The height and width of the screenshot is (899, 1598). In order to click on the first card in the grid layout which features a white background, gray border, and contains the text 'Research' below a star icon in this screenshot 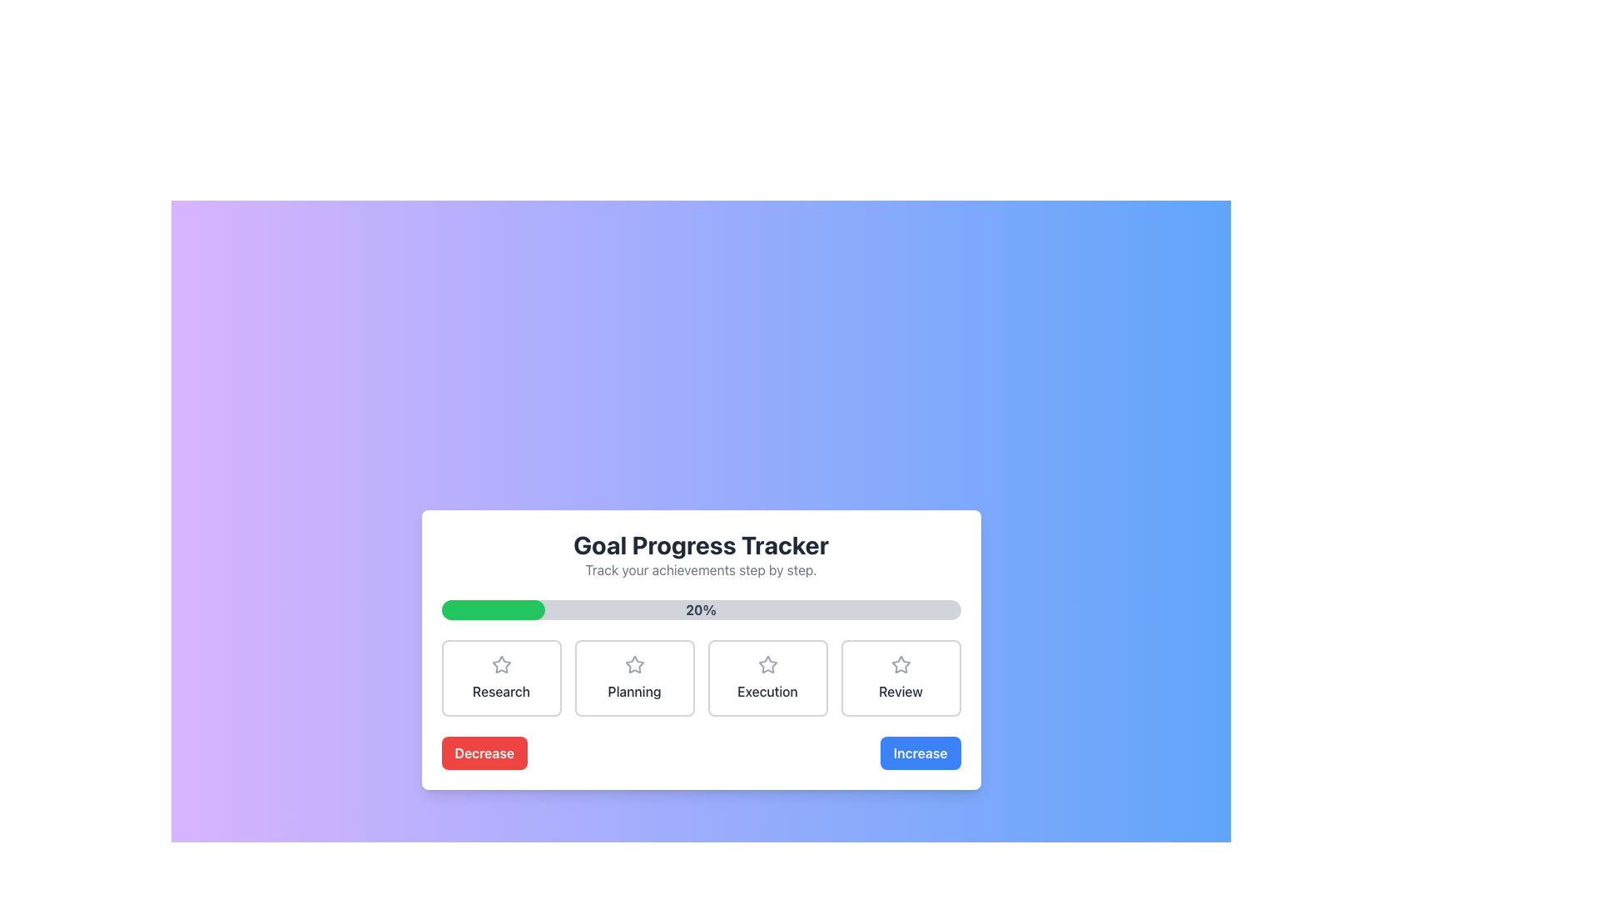, I will do `click(500, 678)`.